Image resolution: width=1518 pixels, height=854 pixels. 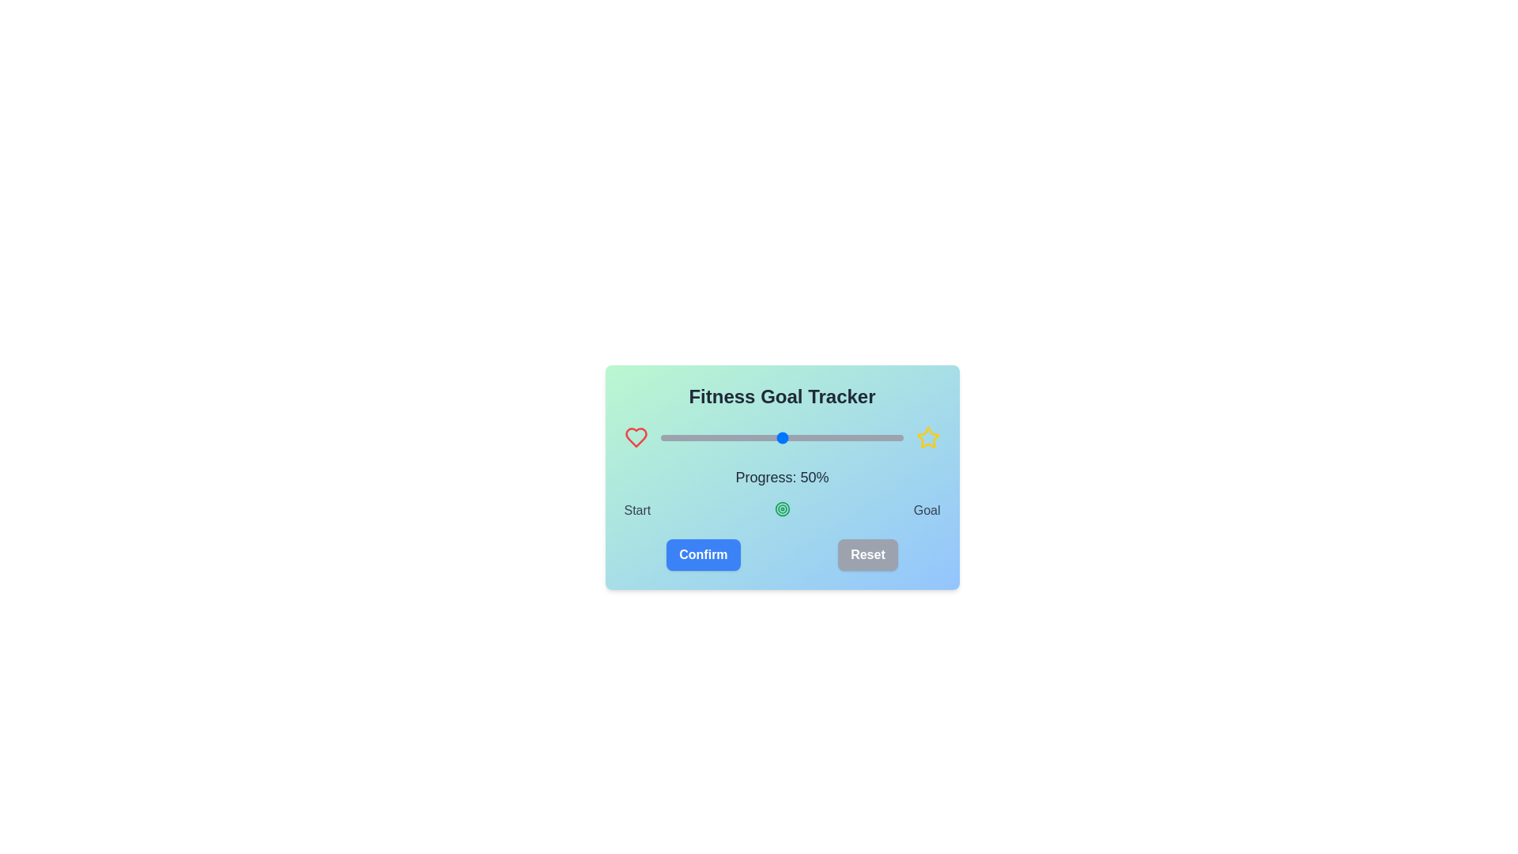 What do you see at coordinates (825, 438) in the screenshot?
I see `the slider to set progress to 68%` at bounding box center [825, 438].